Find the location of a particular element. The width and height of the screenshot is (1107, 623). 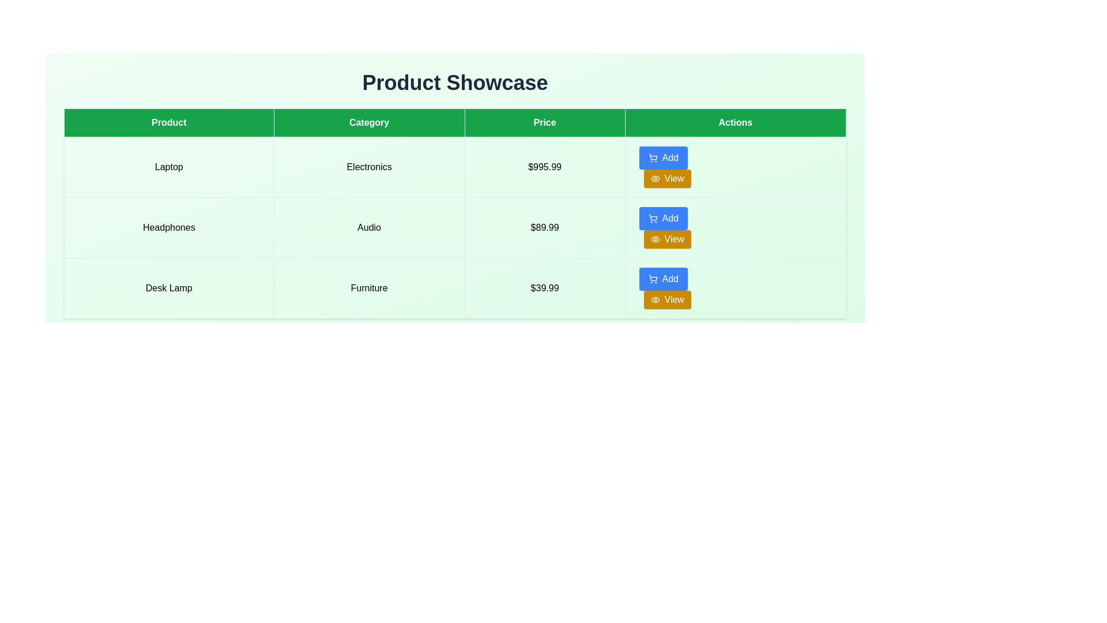

the icon representing the action for viewing details, located to the left of the 'View' text label in the Actions column of the table row for the product 'Headphones' is located at coordinates (655, 178).